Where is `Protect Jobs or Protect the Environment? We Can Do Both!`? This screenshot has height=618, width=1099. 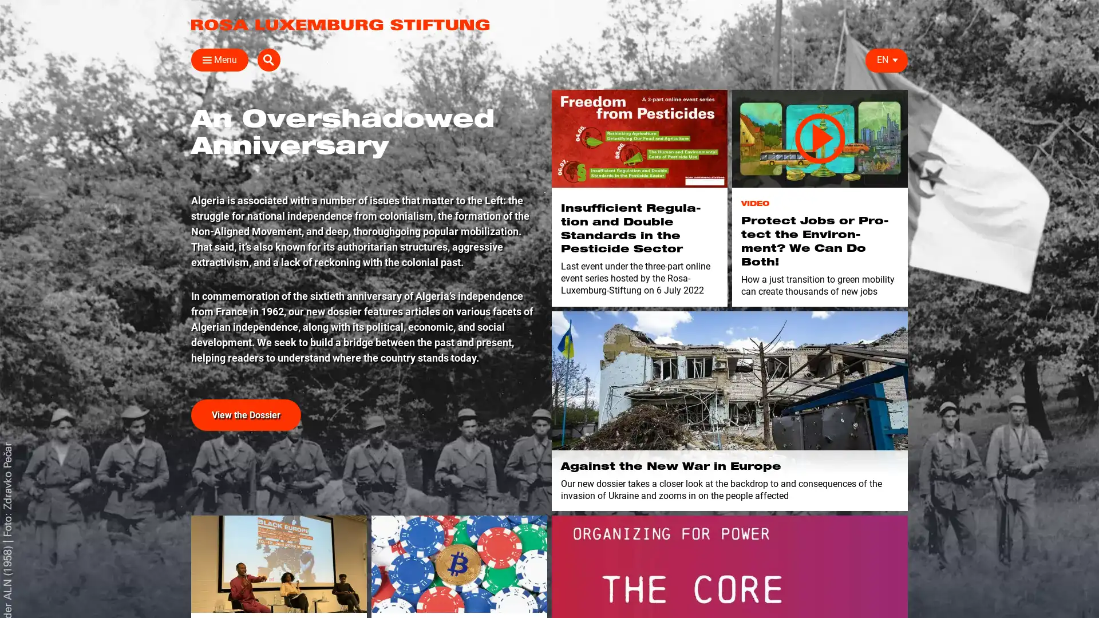 Protect Jobs or Protect the Environment? We Can Do Both! is located at coordinates (819, 138).